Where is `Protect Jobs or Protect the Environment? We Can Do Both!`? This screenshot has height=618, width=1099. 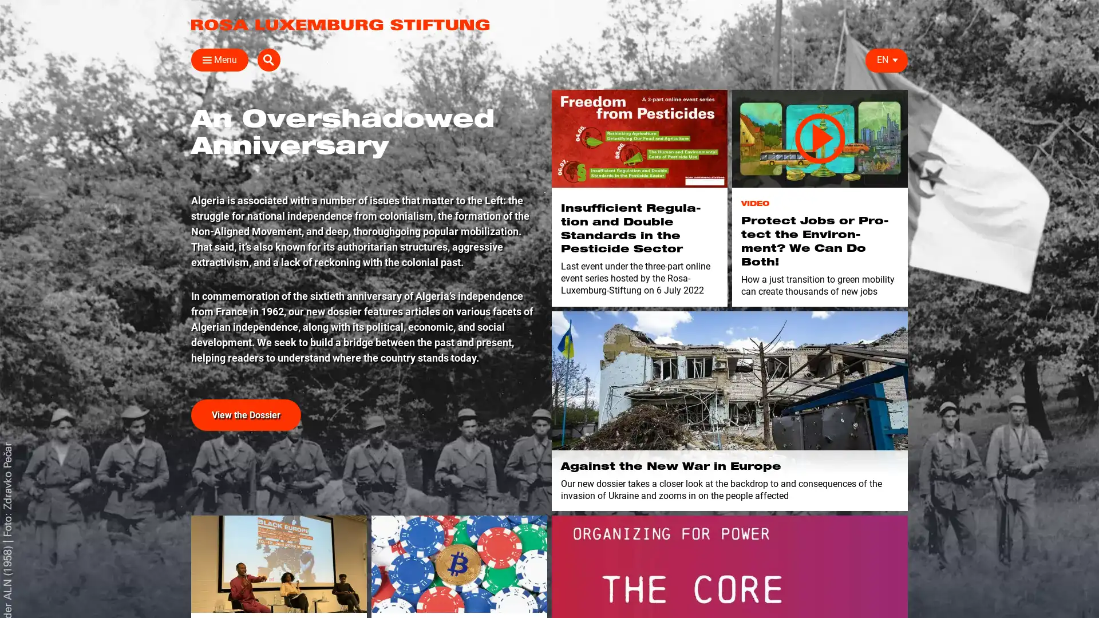 Protect Jobs or Protect the Environment? We Can Do Both! is located at coordinates (819, 138).